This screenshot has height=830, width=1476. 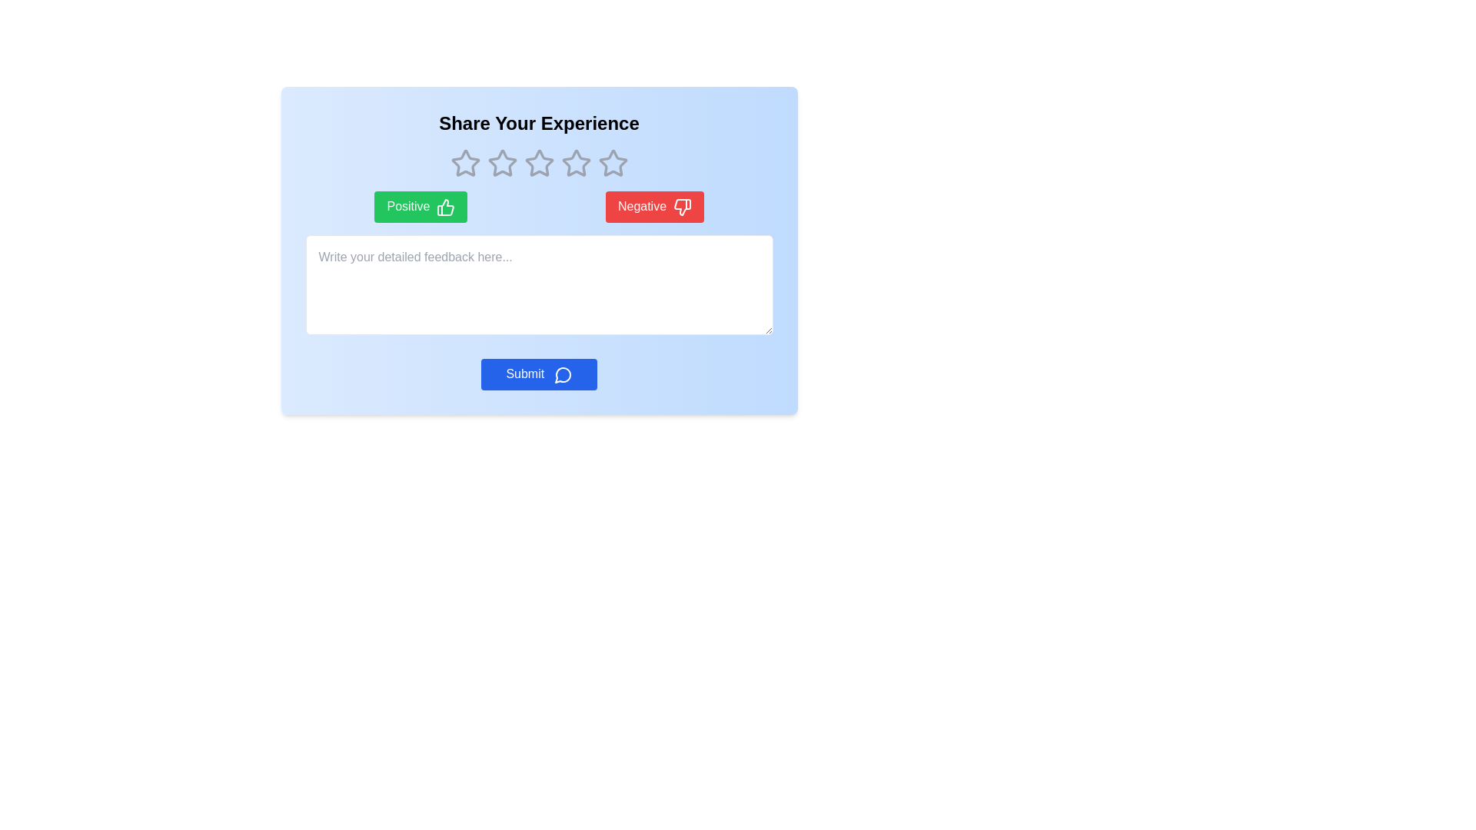 I want to click on the third star icon in the horizontal series of five stars, so click(x=539, y=163).